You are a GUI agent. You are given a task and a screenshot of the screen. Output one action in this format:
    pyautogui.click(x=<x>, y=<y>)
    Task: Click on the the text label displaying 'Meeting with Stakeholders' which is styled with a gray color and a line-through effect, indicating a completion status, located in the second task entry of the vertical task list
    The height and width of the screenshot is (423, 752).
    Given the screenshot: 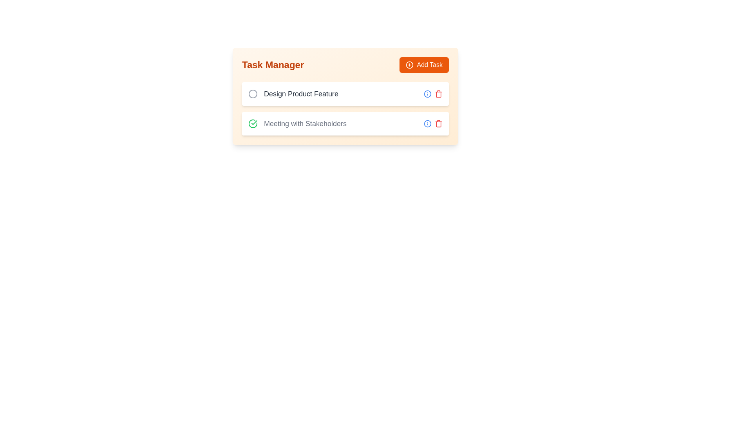 What is the action you would take?
    pyautogui.click(x=305, y=123)
    